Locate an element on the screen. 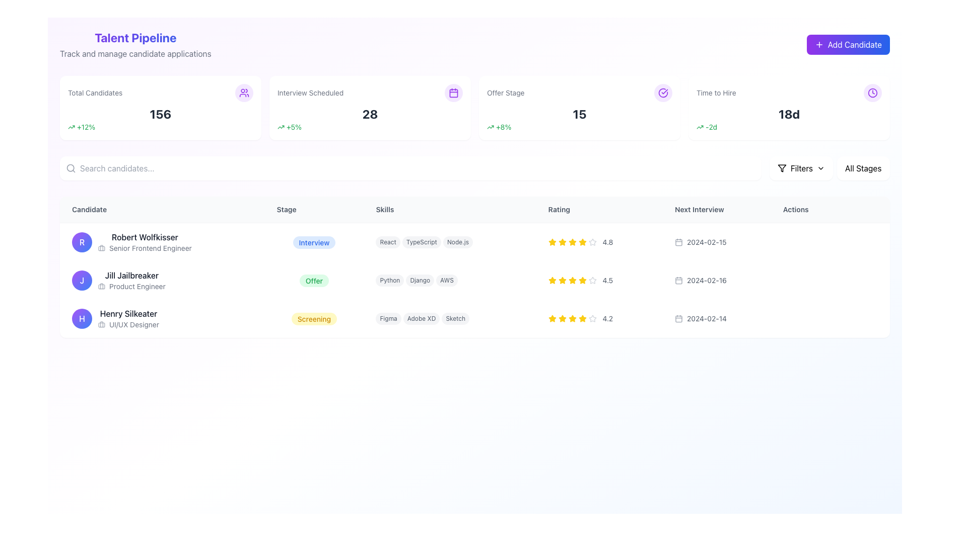 The width and height of the screenshot is (967, 543). the Header section titled 'Talent Pipeline', which features a bold header in a vibrant gradient from purple to blue and a subtitle in lighter gray beneath it, located in the upper-left corner of the dashboard is located at coordinates (135, 44).